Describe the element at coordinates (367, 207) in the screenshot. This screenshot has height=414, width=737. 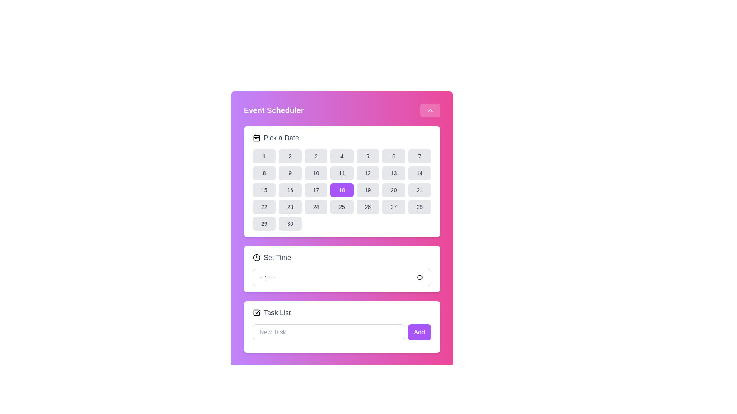
I see `the button displaying the number '26'` at that location.